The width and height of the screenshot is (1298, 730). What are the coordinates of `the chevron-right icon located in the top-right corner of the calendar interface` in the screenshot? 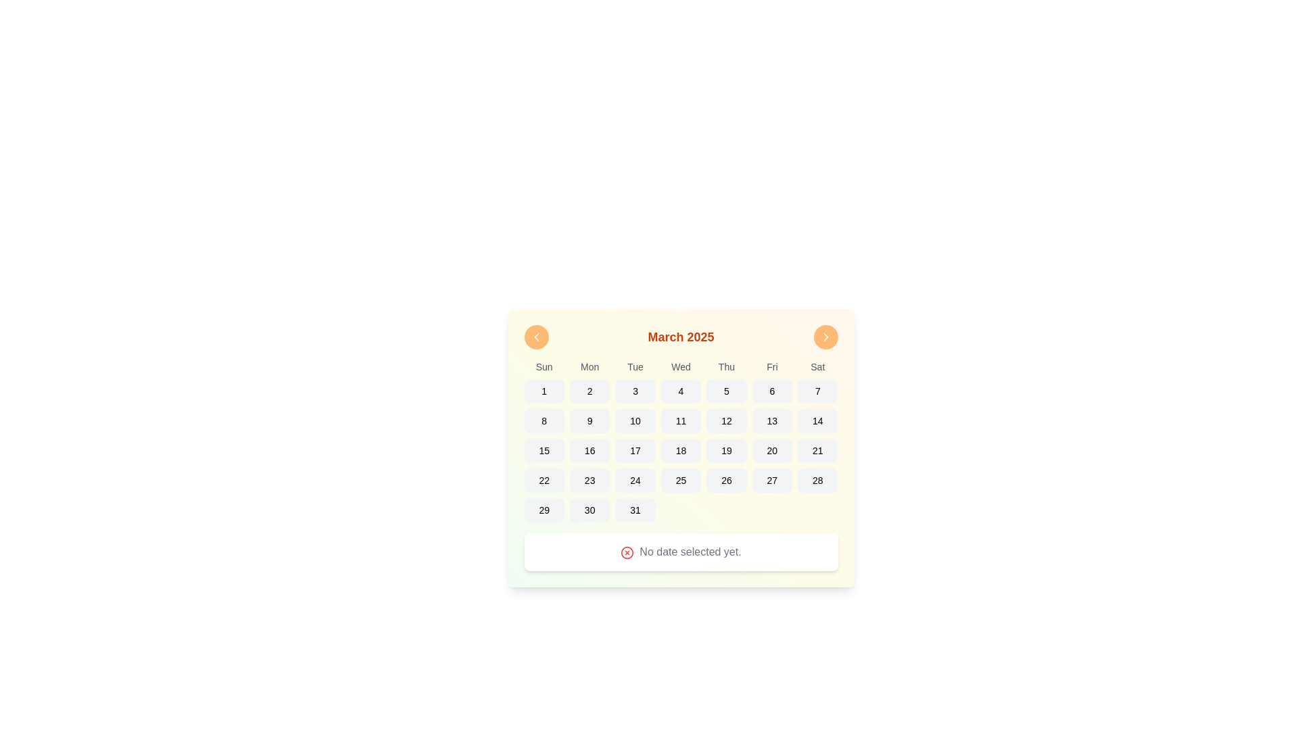 It's located at (825, 336).